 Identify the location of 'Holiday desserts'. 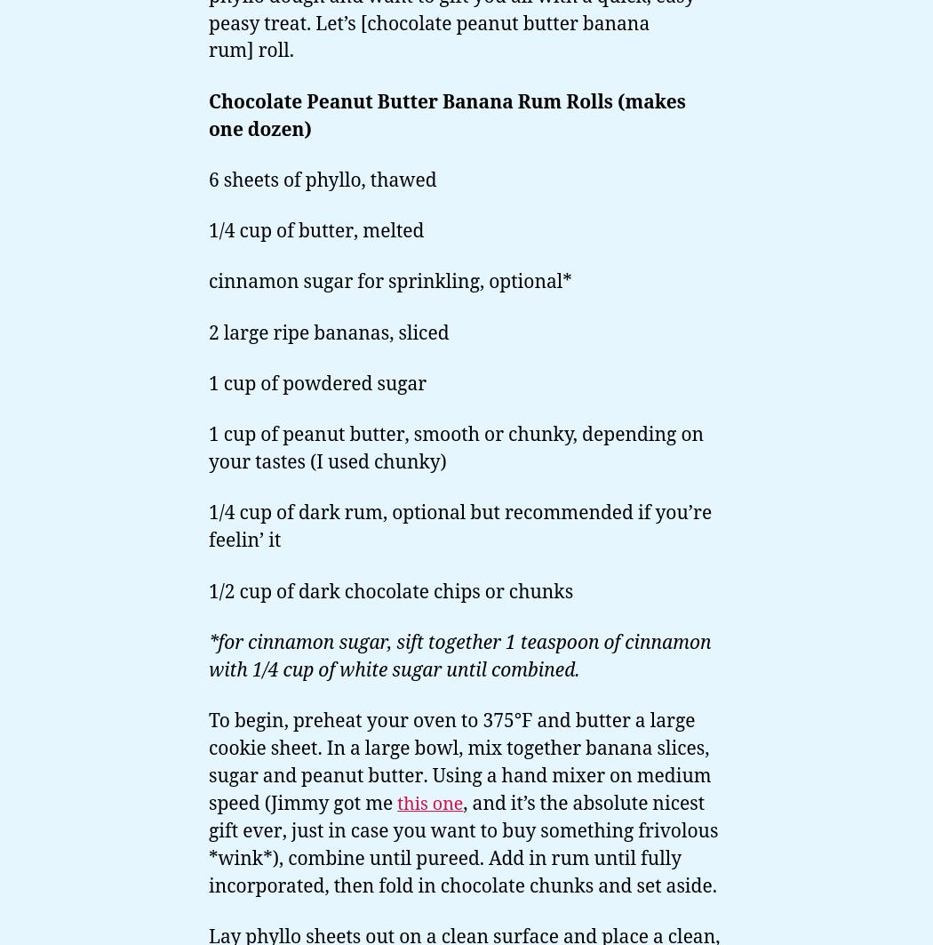
(100, 246).